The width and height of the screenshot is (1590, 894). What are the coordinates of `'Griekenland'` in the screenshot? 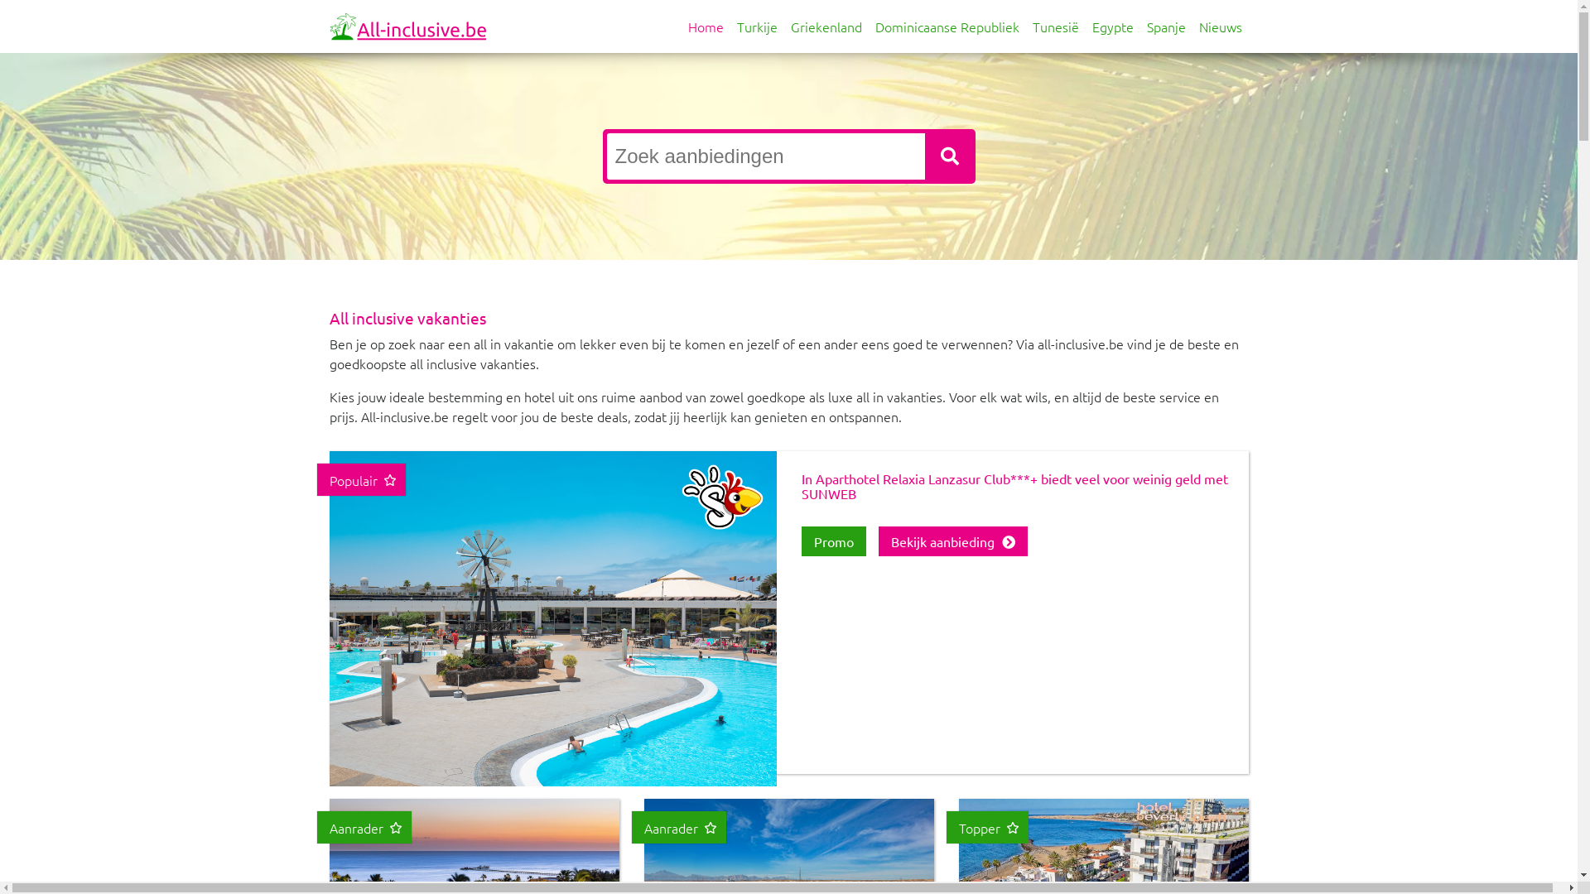 It's located at (826, 26).